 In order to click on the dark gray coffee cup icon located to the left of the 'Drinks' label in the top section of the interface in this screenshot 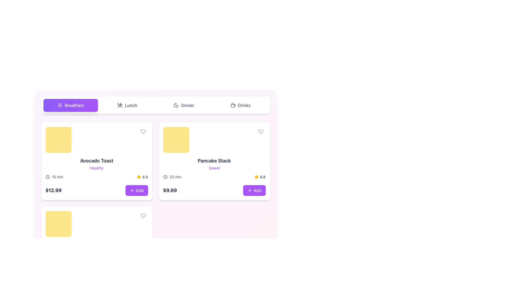, I will do `click(233, 105)`.